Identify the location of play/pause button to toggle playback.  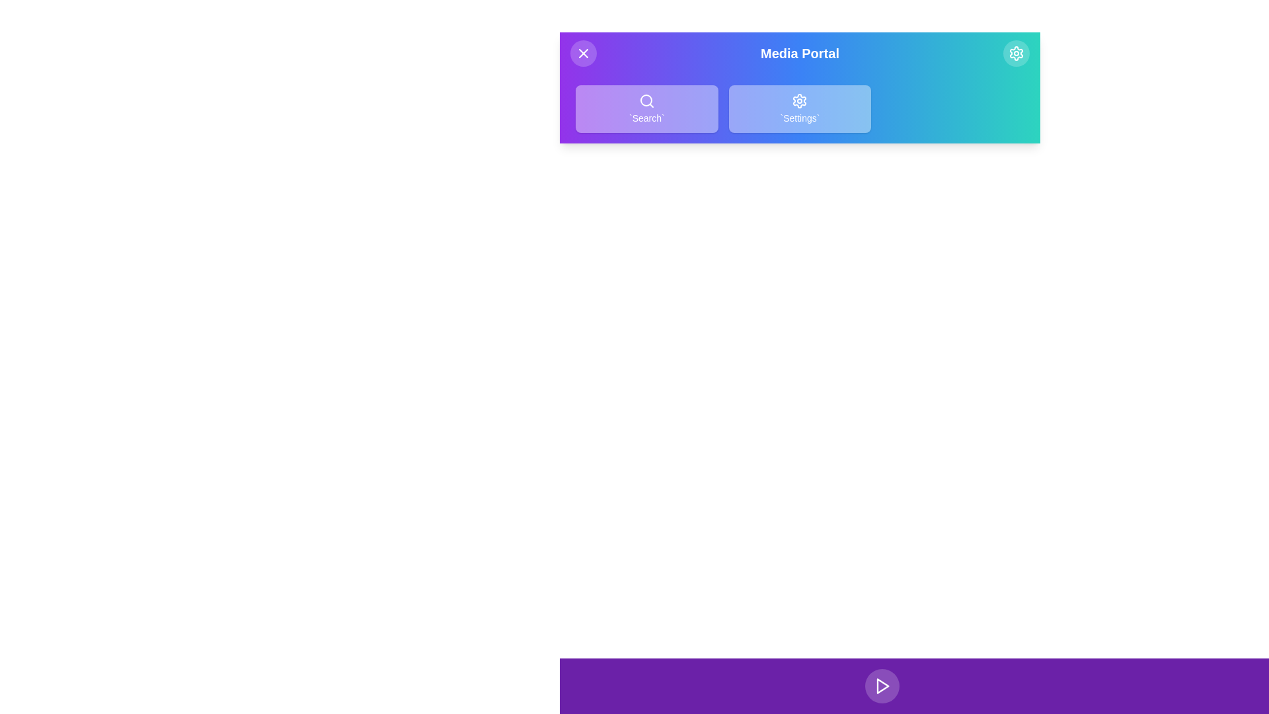
(882, 685).